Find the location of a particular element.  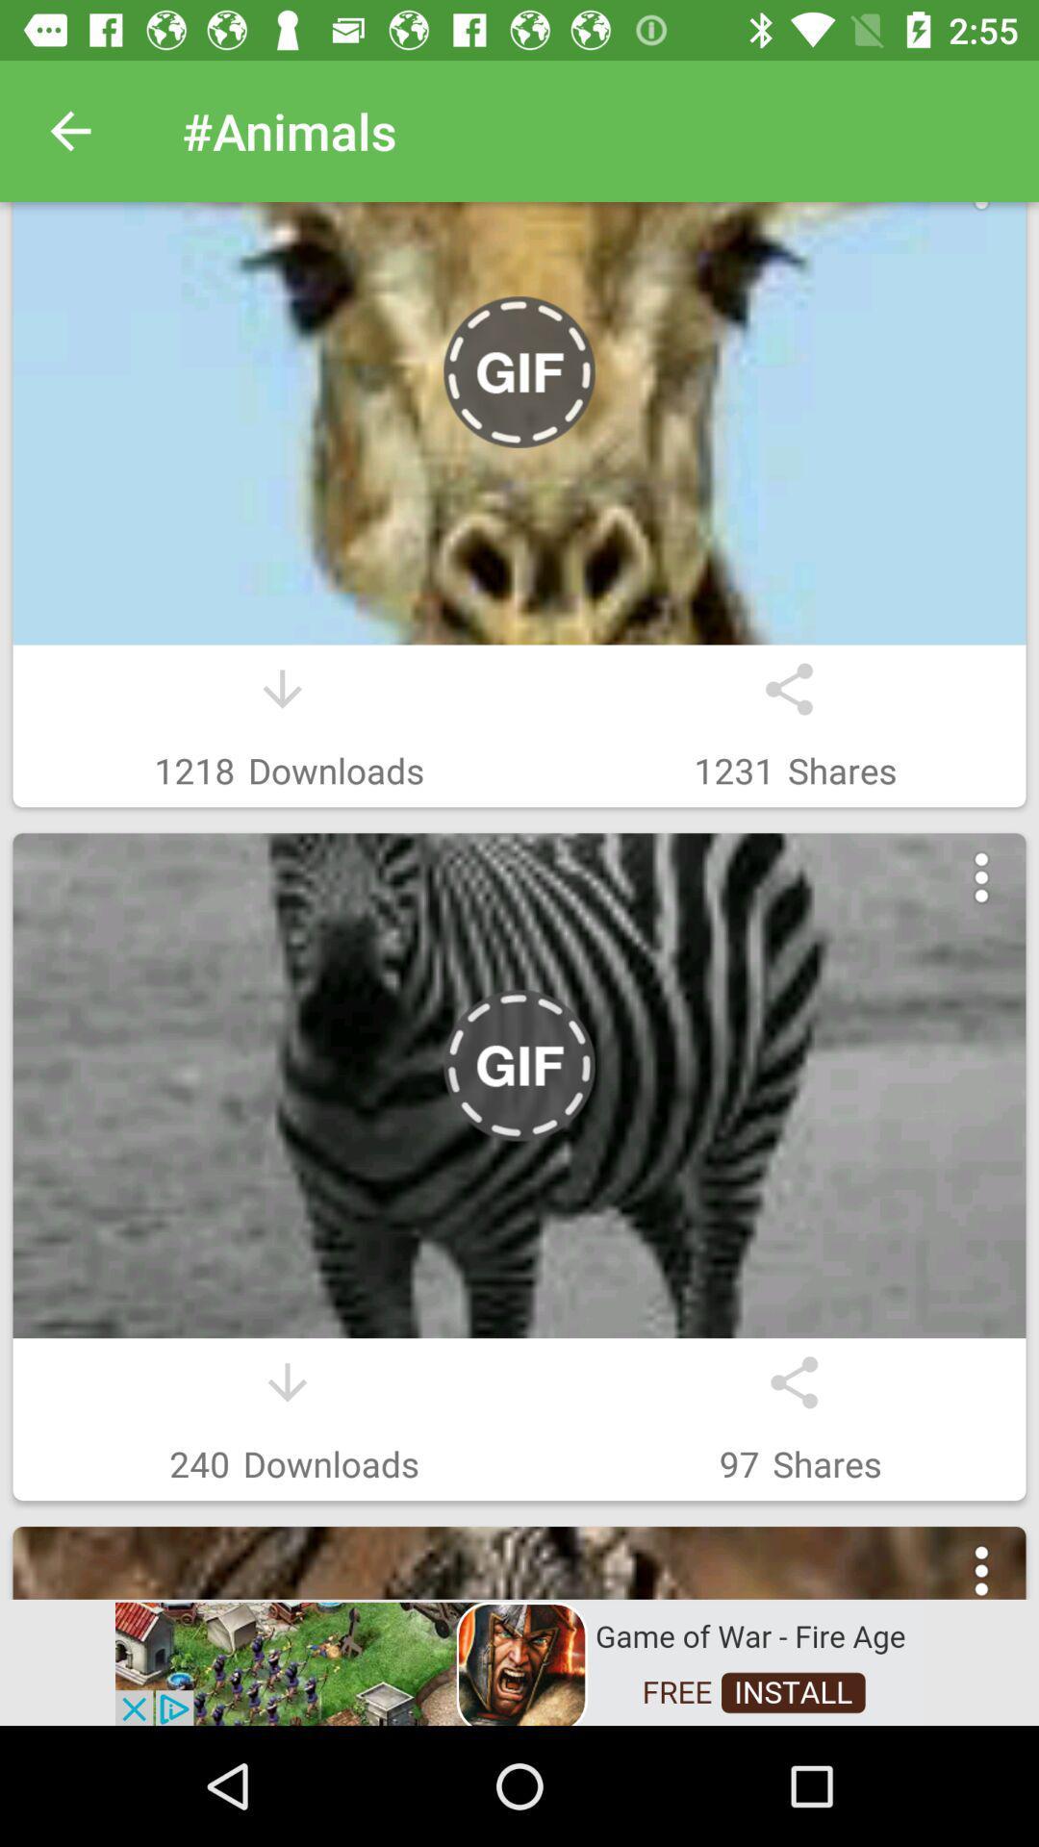

the share button below the second gif is located at coordinates (794, 1381).